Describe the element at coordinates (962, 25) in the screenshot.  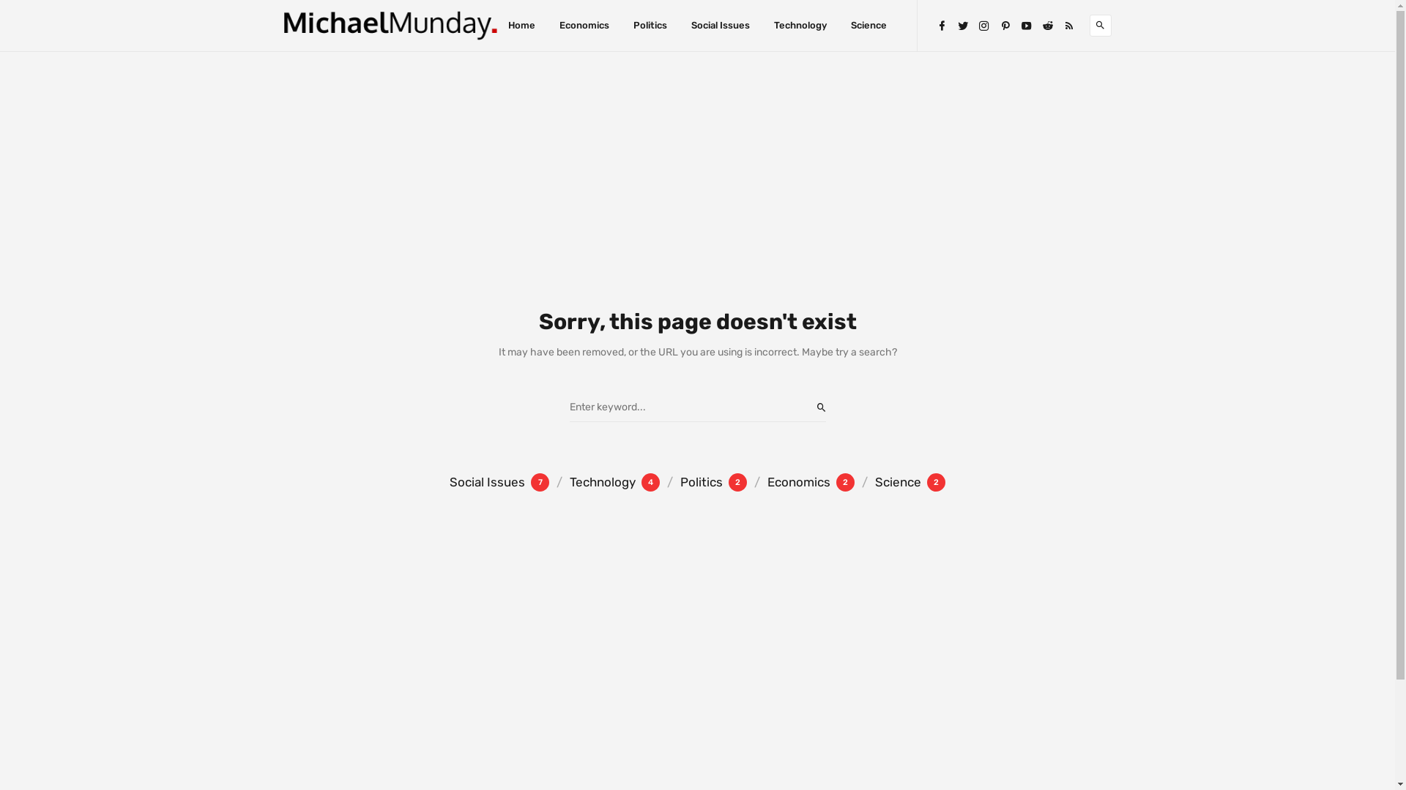
I see `'Twitter'` at that location.